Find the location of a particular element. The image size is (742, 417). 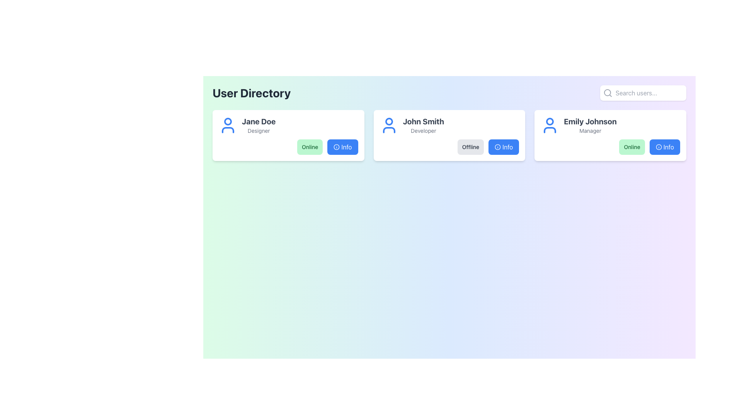

the user name text label located in the third user profile card, positioned above the 'Manager' text is located at coordinates (590, 122).